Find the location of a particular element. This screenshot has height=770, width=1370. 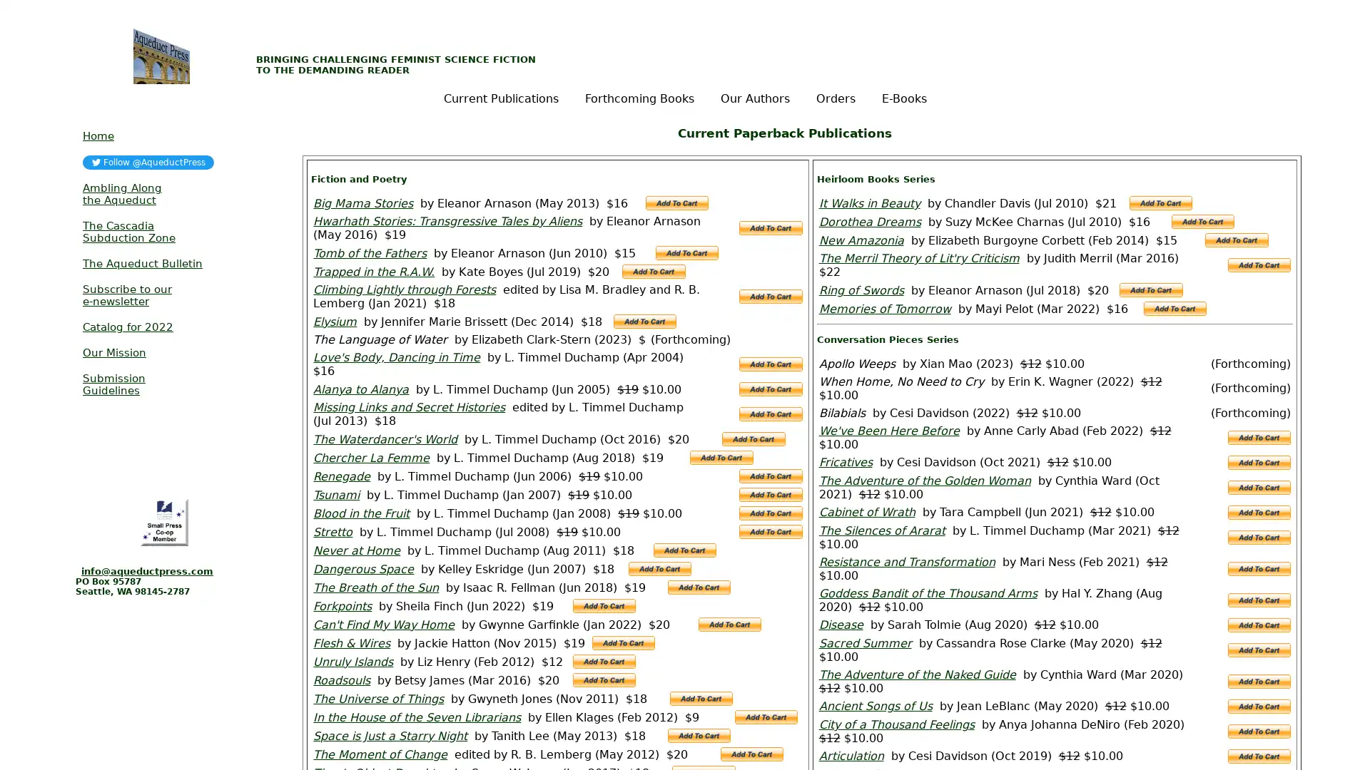

Make payments with PayPal - it\'s fast, free and secure! is located at coordinates (1259, 436).